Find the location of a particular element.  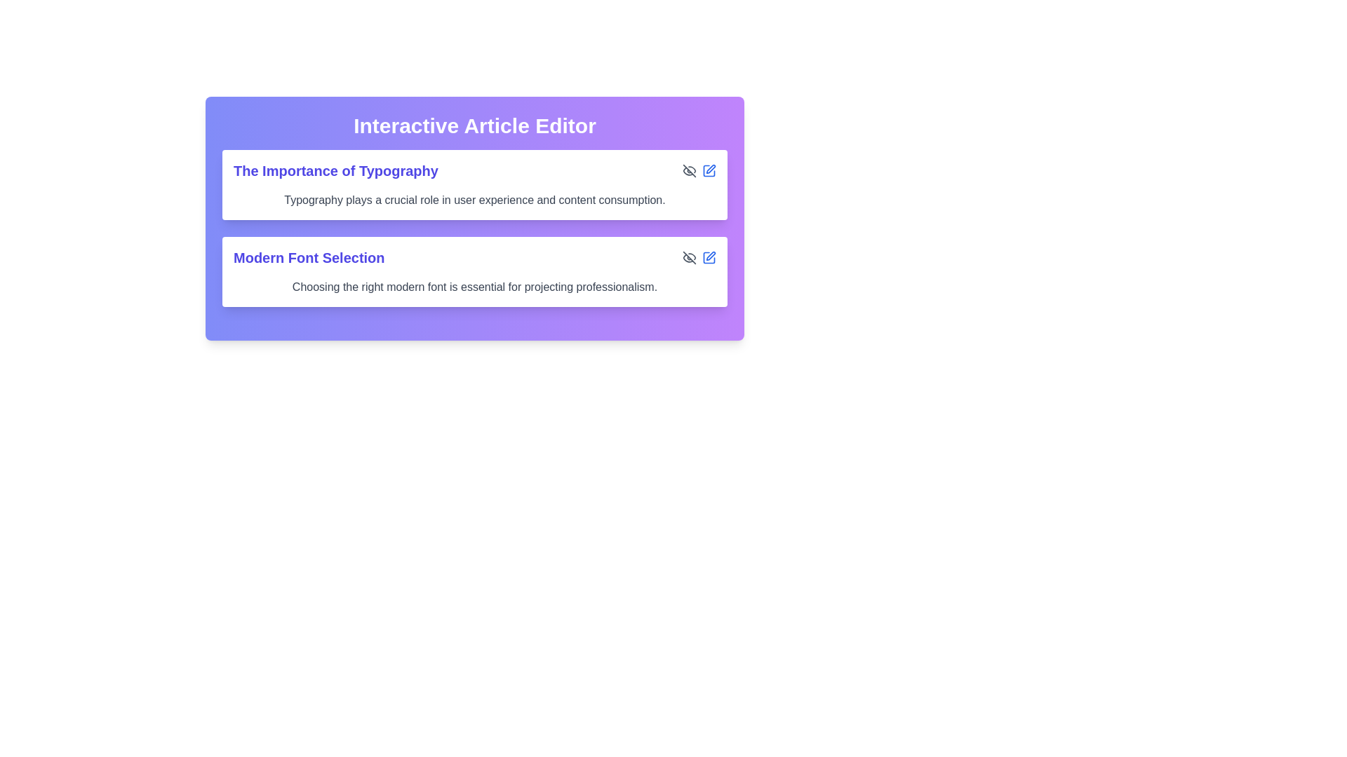

the visibility icon in the icon set for visibility and editing controls located at the right end of the 'Modern Font Selection' row is located at coordinates (699, 257).